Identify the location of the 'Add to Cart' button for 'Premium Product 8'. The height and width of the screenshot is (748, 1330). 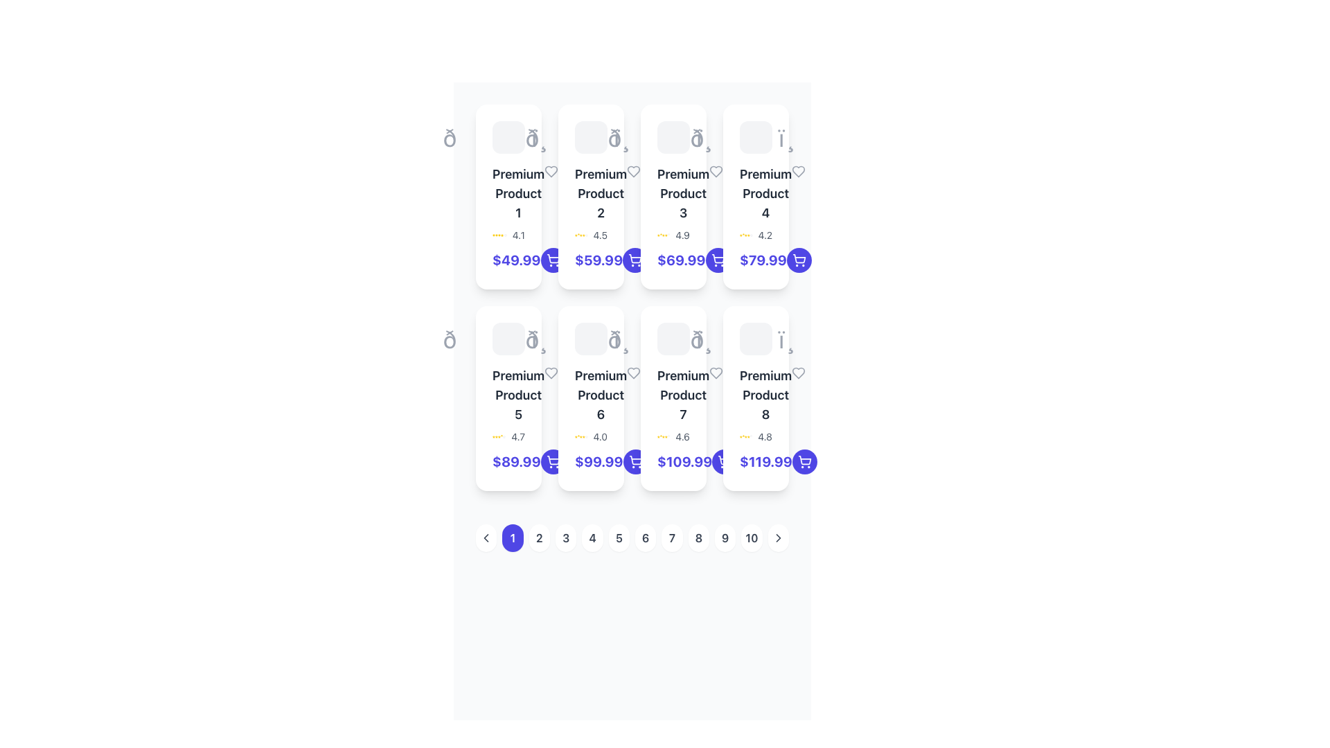
(804, 460).